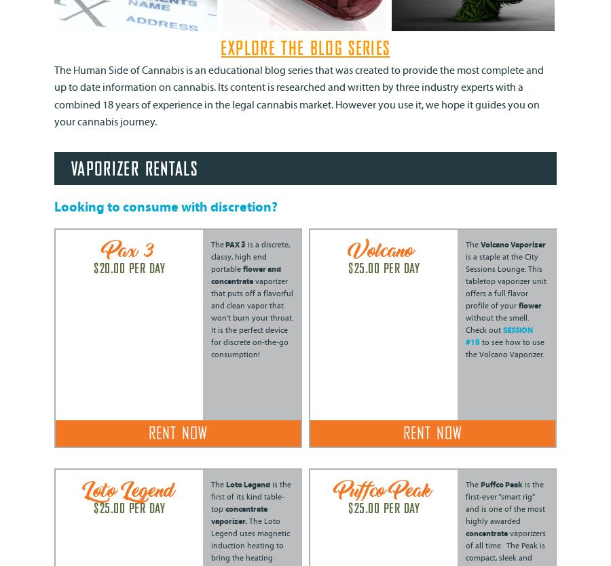 The image size is (611, 566). I want to click on 'is the first-ever “smart rig” and is one of the most highly awarded', so click(504, 502).